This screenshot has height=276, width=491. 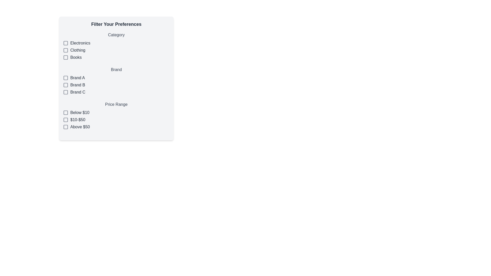 I want to click on the checkbox located to the left of the text 'Above $50', so click(x=65, y=127).